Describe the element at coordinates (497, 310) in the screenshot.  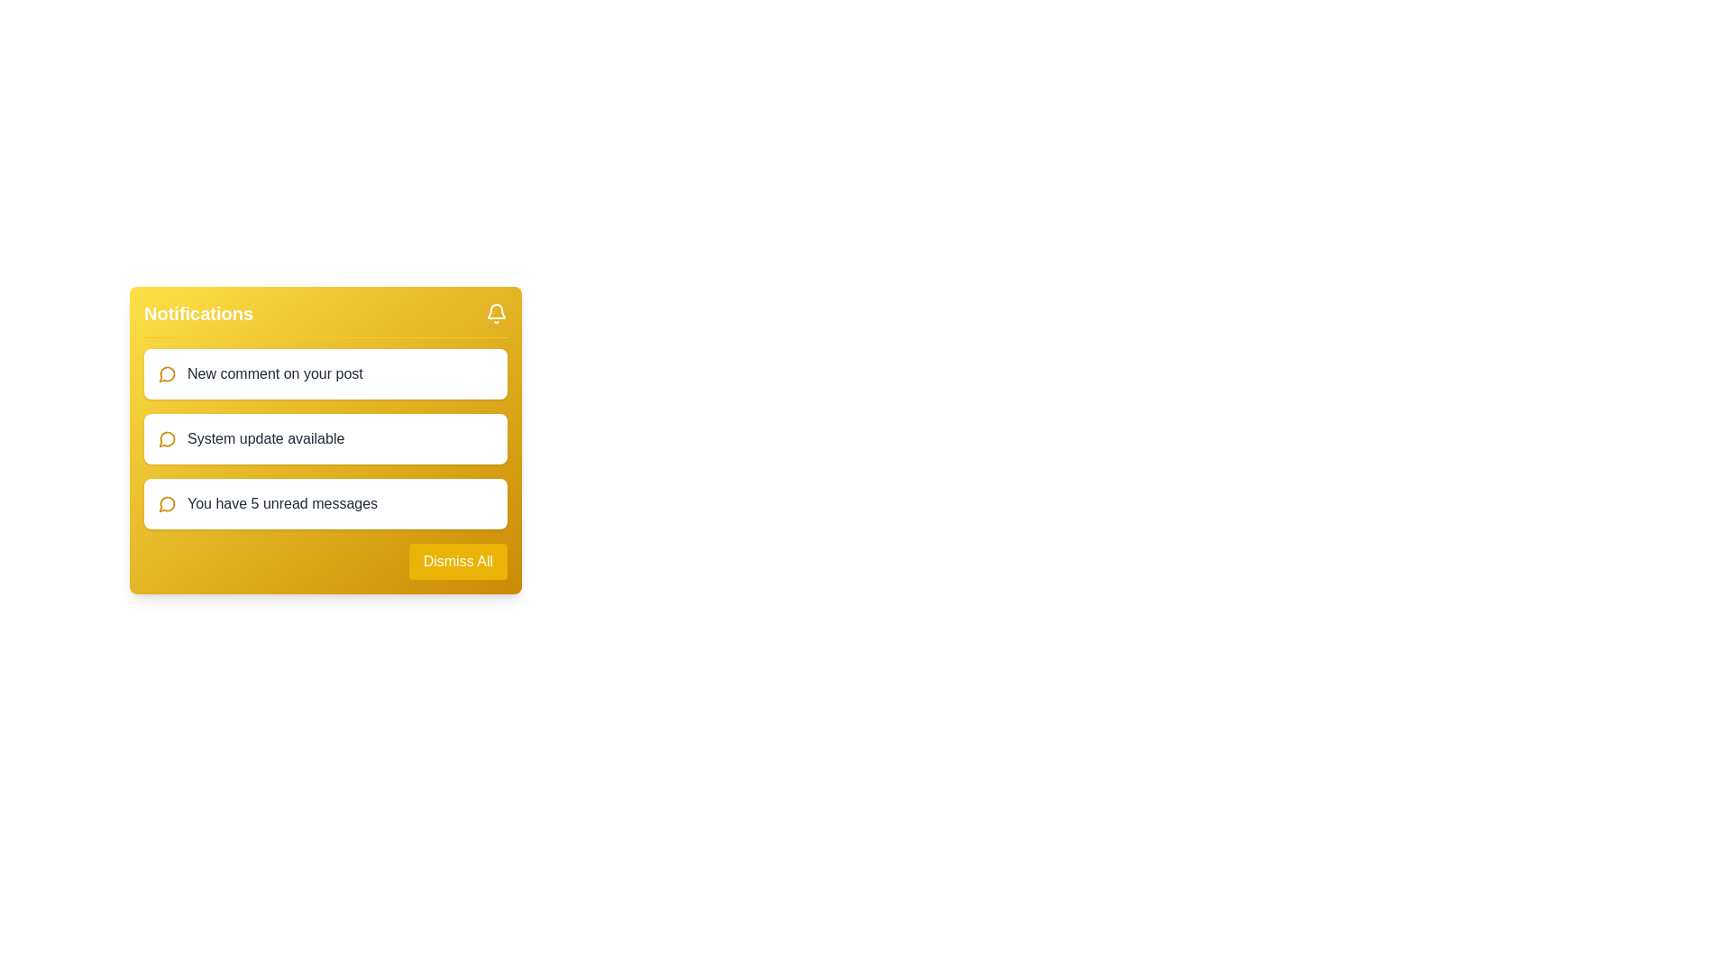
I see `the bell notification icon located at the top-right of the notification panel with a yellow background` at that location.